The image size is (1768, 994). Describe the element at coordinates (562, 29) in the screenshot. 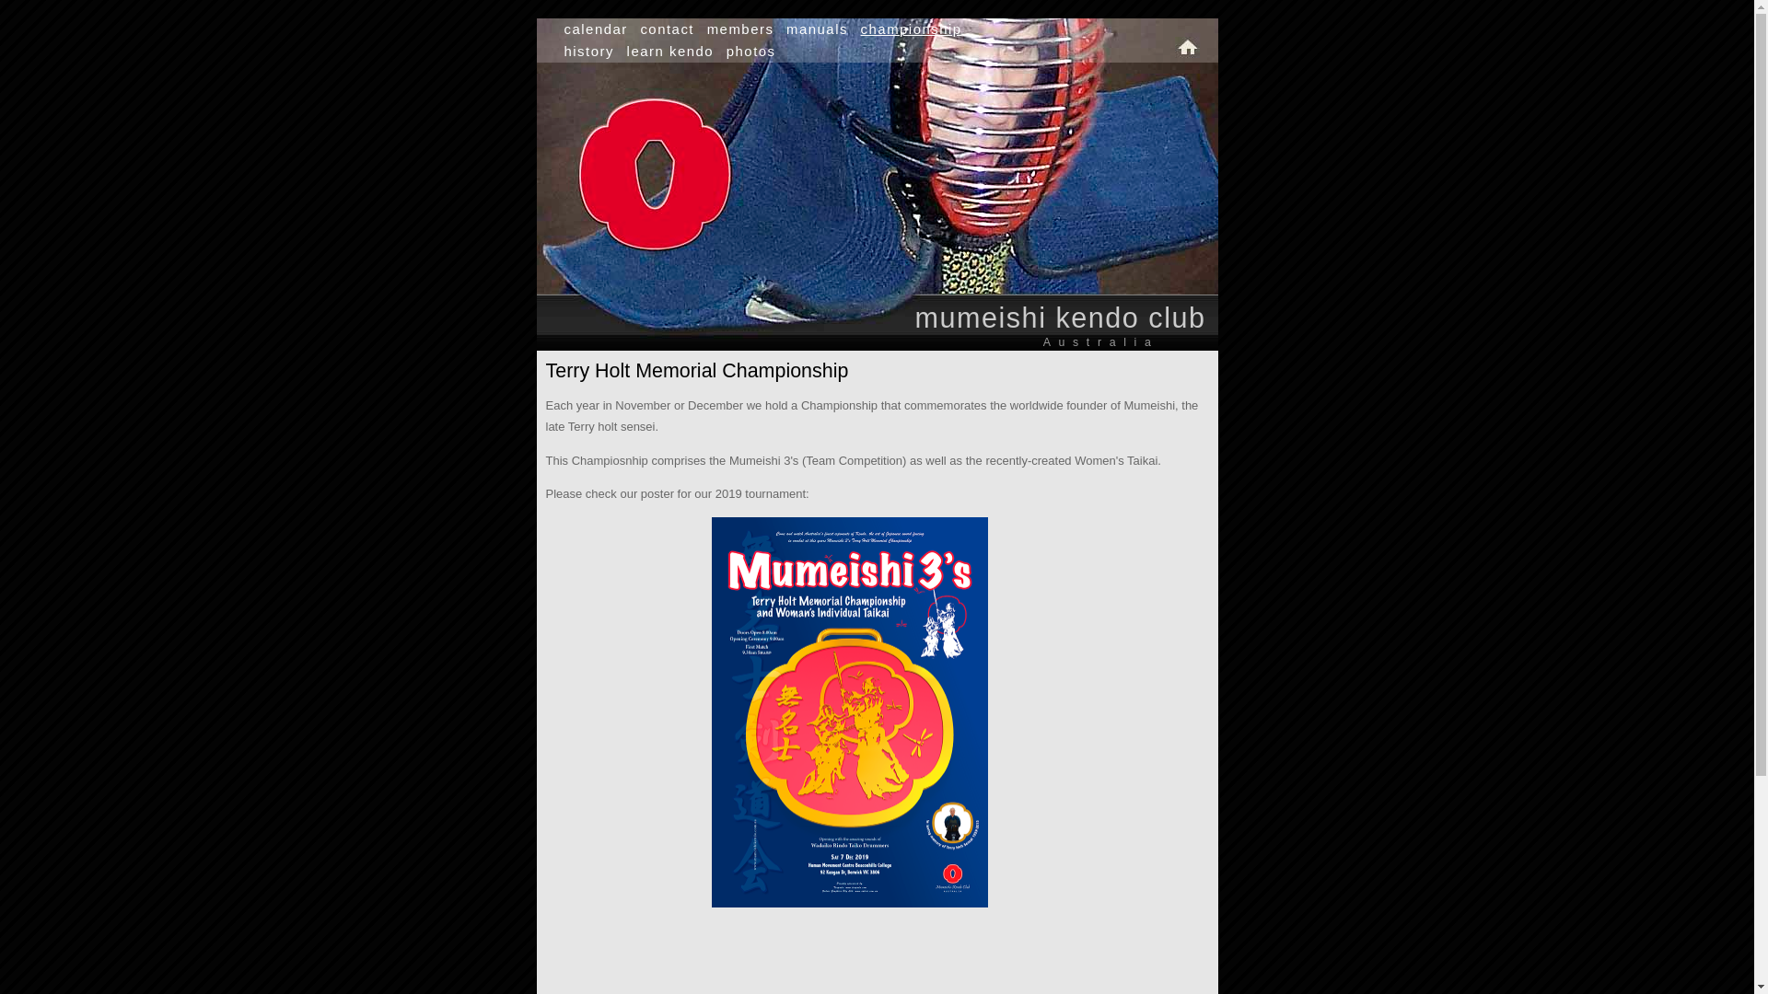

I see `'calendar'` at that location.